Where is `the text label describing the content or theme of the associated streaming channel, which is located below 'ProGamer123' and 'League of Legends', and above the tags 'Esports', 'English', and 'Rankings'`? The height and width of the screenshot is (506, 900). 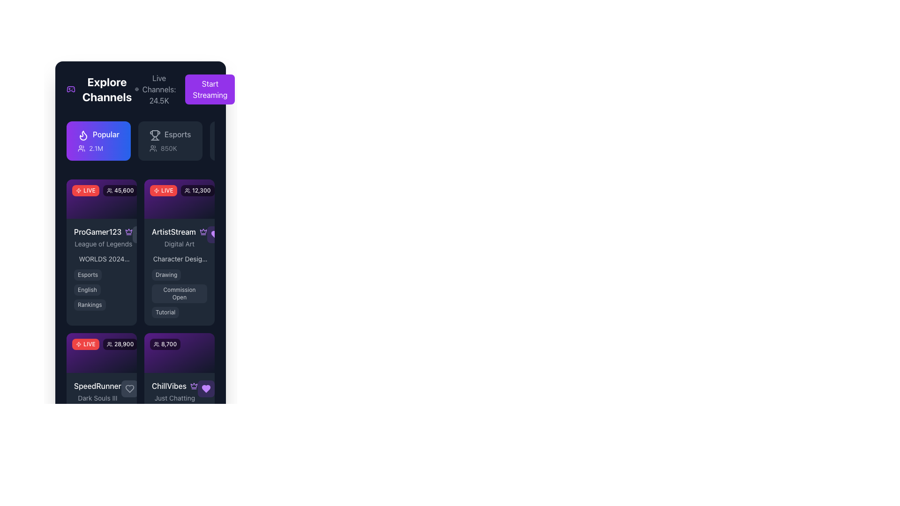 the text label describing the content or theme of the associated streaming channel, which is located below 'ProGamer123' and 'League of Legends', and above the tags 'Esports', 'English', and 'Rankings' is located at coordinates (101, 259).